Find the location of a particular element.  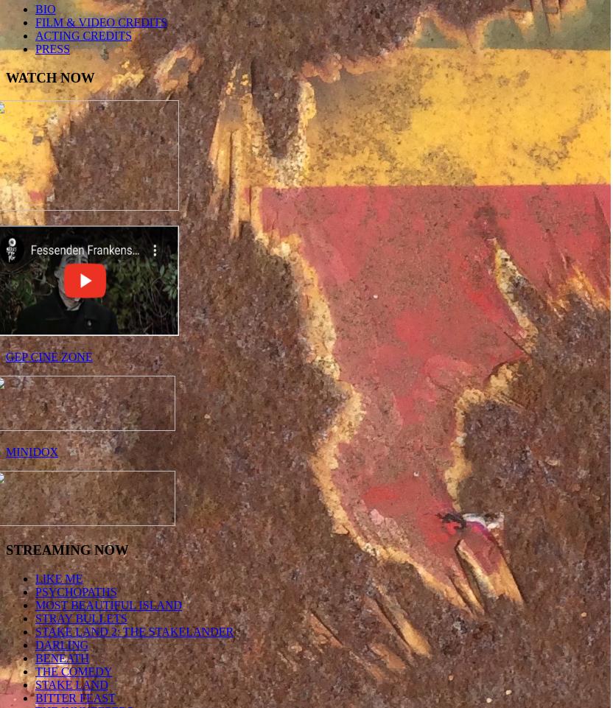

'BITTER FEAST' is located at coordinates (74, 698).